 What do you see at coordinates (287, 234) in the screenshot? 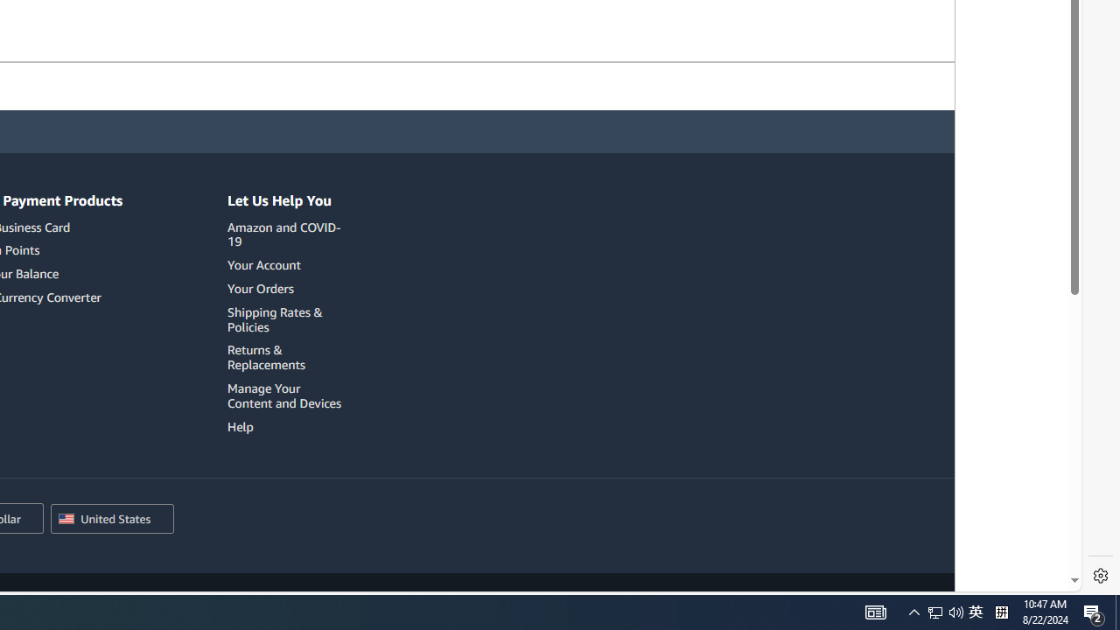
I see `'Amazon and COVID-19'` at bounding box center [287, 234].